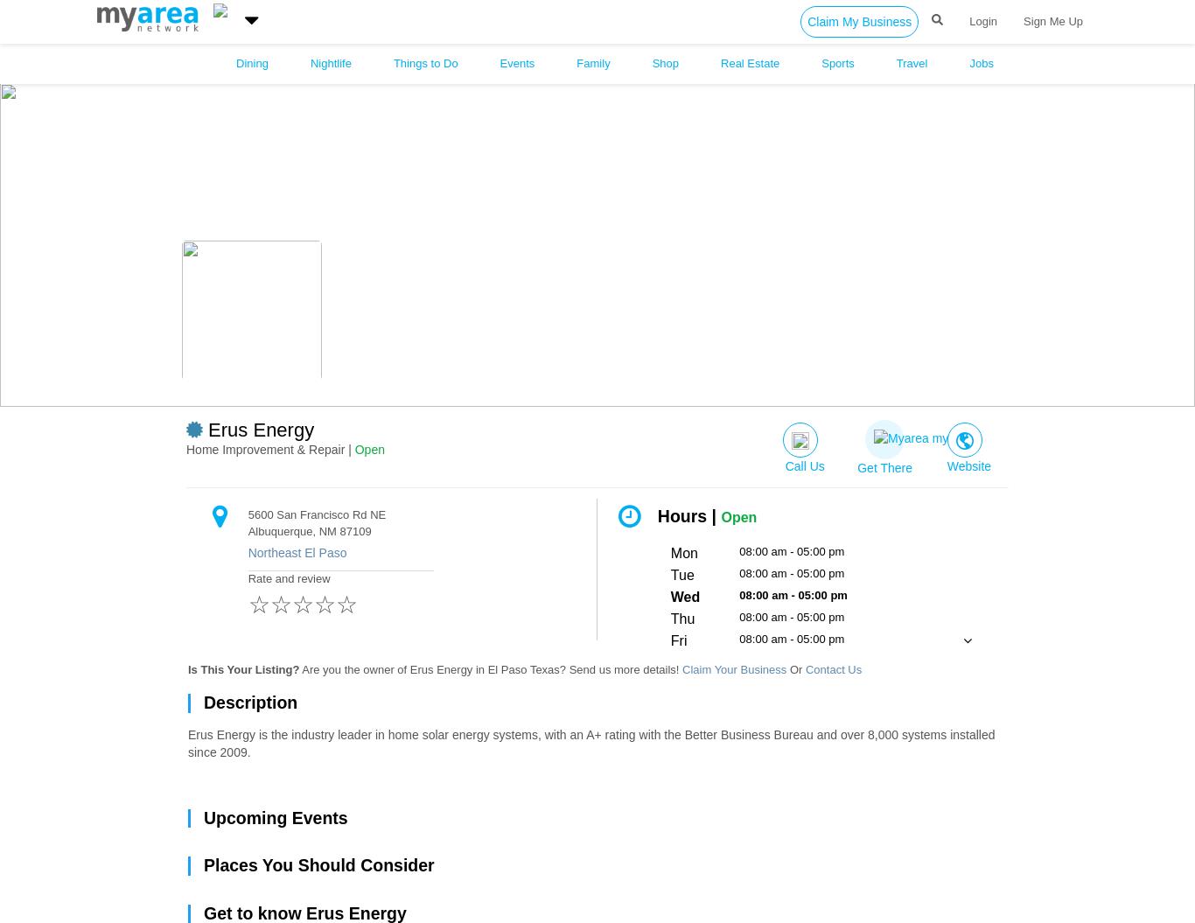  What do you see at coordinates (968, 62) in the screenshot?
I see `'Jobs'` at bounding box center [968, 62].